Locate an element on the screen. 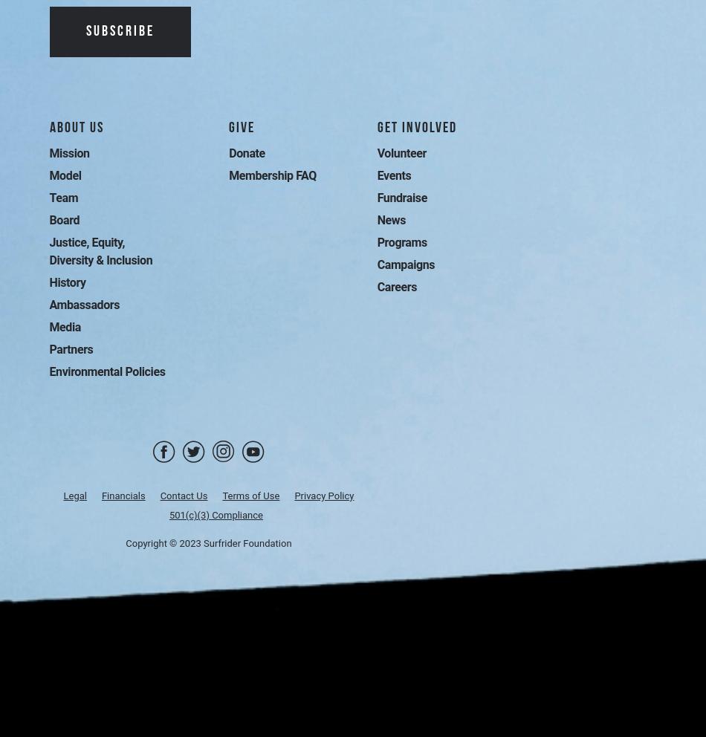 Image resolution: width=706 pixels, height=737 pixels. 'Terms of Use' is located at coordinates (250, 495).